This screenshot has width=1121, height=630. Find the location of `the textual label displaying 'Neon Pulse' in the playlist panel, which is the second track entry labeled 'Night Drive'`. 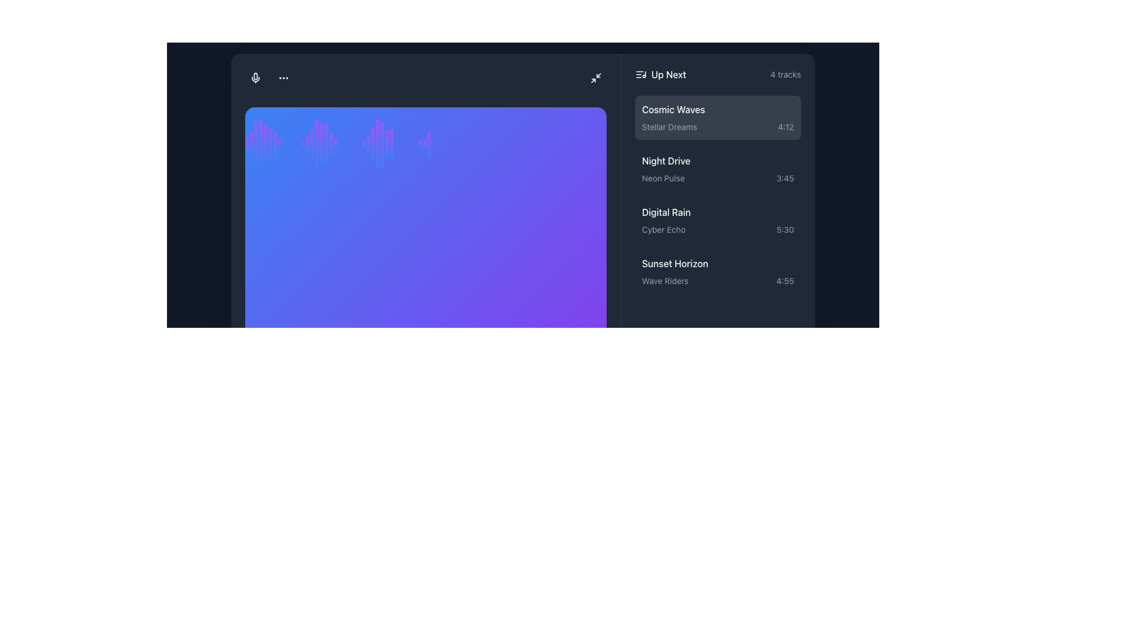

the textual label displaying 'Neon Pulse' in the playlist panel, which is the second track entry labeled 'Night Drive' is located at coordinates (663, 178).